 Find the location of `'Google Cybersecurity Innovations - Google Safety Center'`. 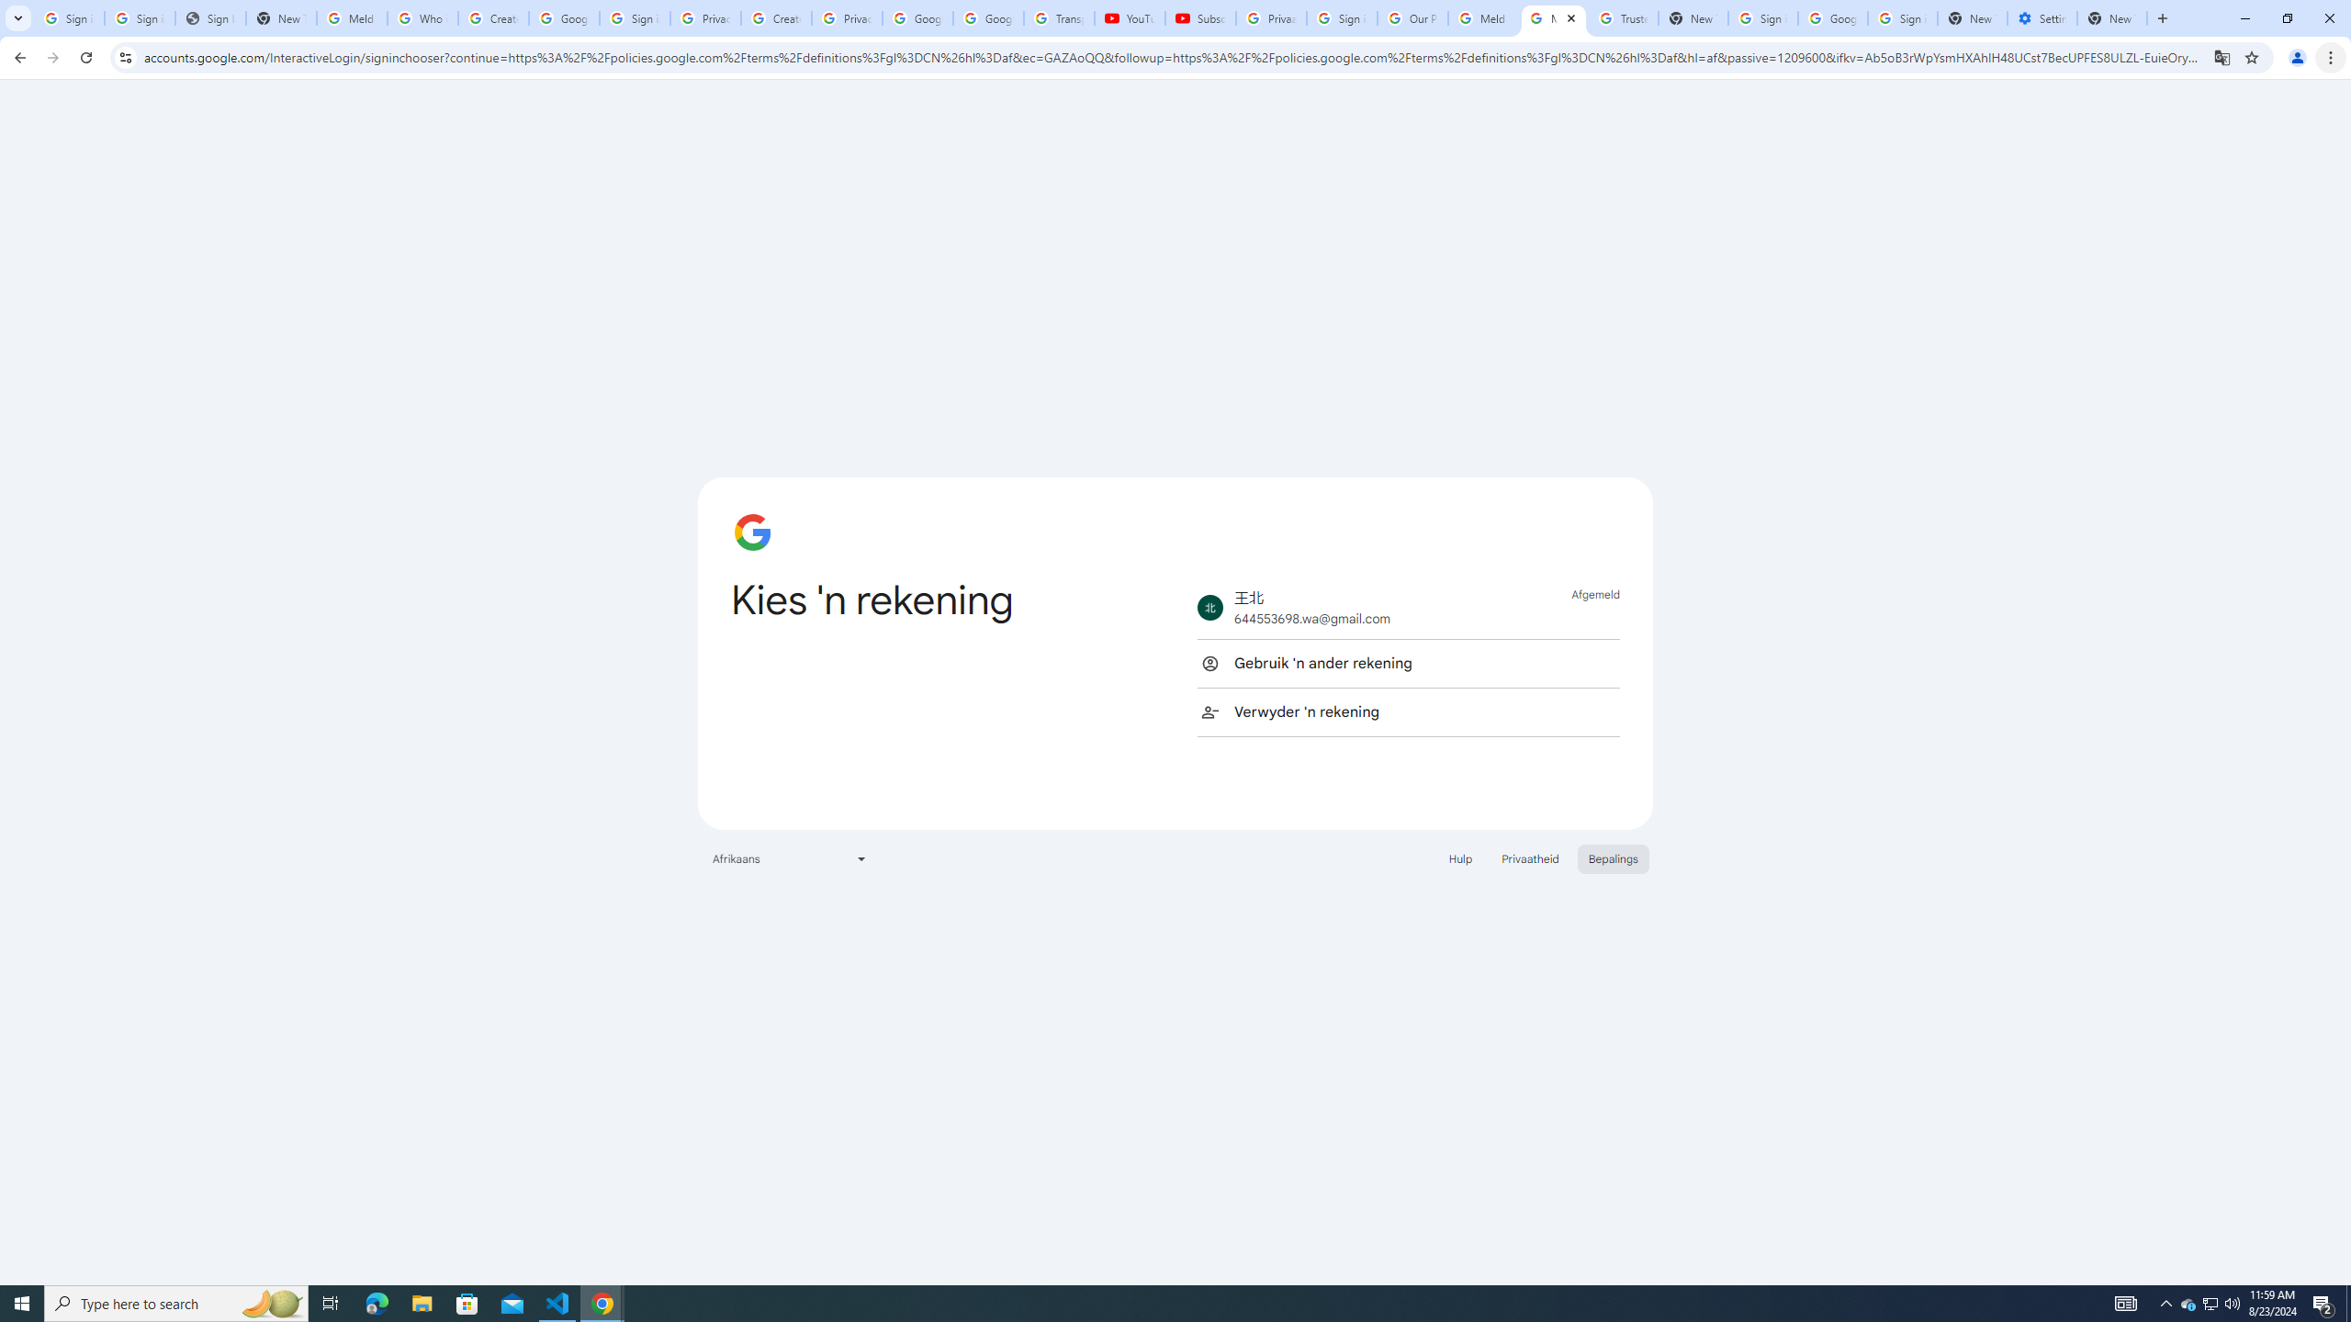

'Google Cybersecurity Innovations - Google Safety Center' is located at coordinates (1831, 17).